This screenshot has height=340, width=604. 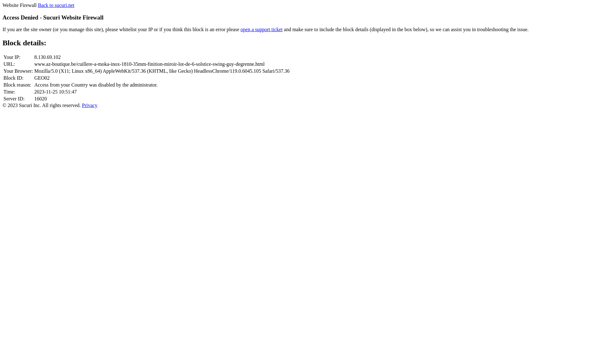 What do you see at coordinates (37, 5) in the screenshot?
I see `'Back to sucuri.net'` at bounding box center [37, 5].